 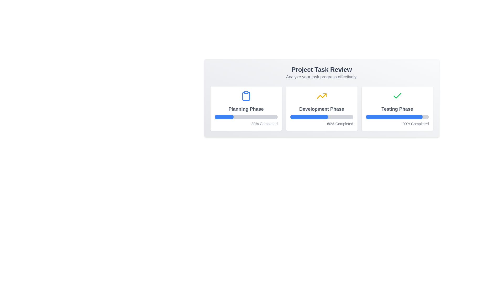 What do you see at coordinates (321, 108) in the screenshot?
I see `the second card in the horizontal list that represents the 'Development Phase' in the project, located between the 'Planning Phase' and 'Testing Phase' cards` at bounding box center [321, 108].